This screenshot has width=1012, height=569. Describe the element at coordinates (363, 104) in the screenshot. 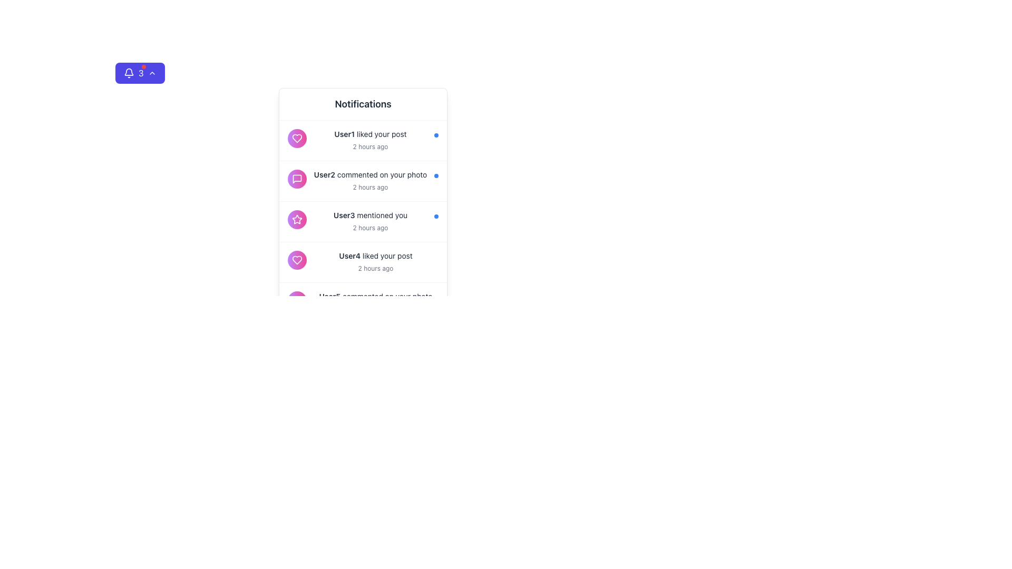

I see `the 'Notifications' static text heading, which is bold, large, and dark gray, located above the list of notification items` at that location.